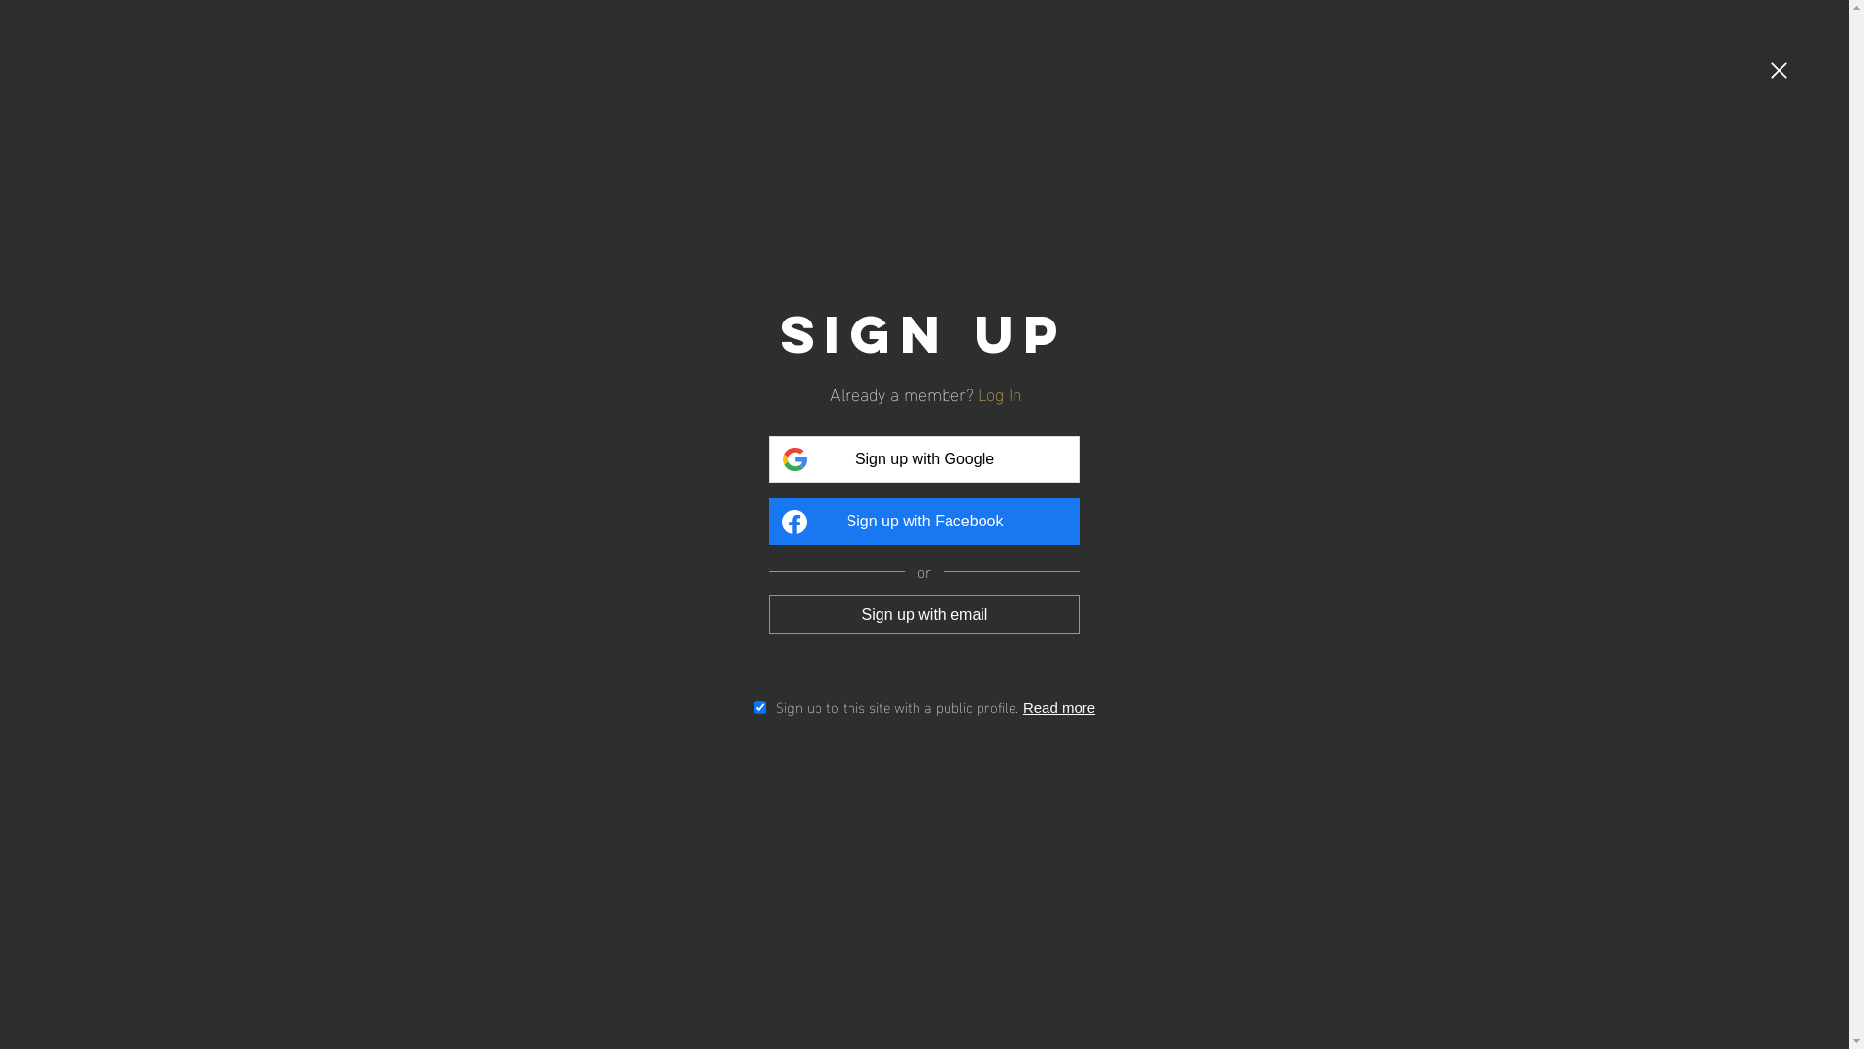  I want to click on 'Sign up with Google', so click(922, 459).